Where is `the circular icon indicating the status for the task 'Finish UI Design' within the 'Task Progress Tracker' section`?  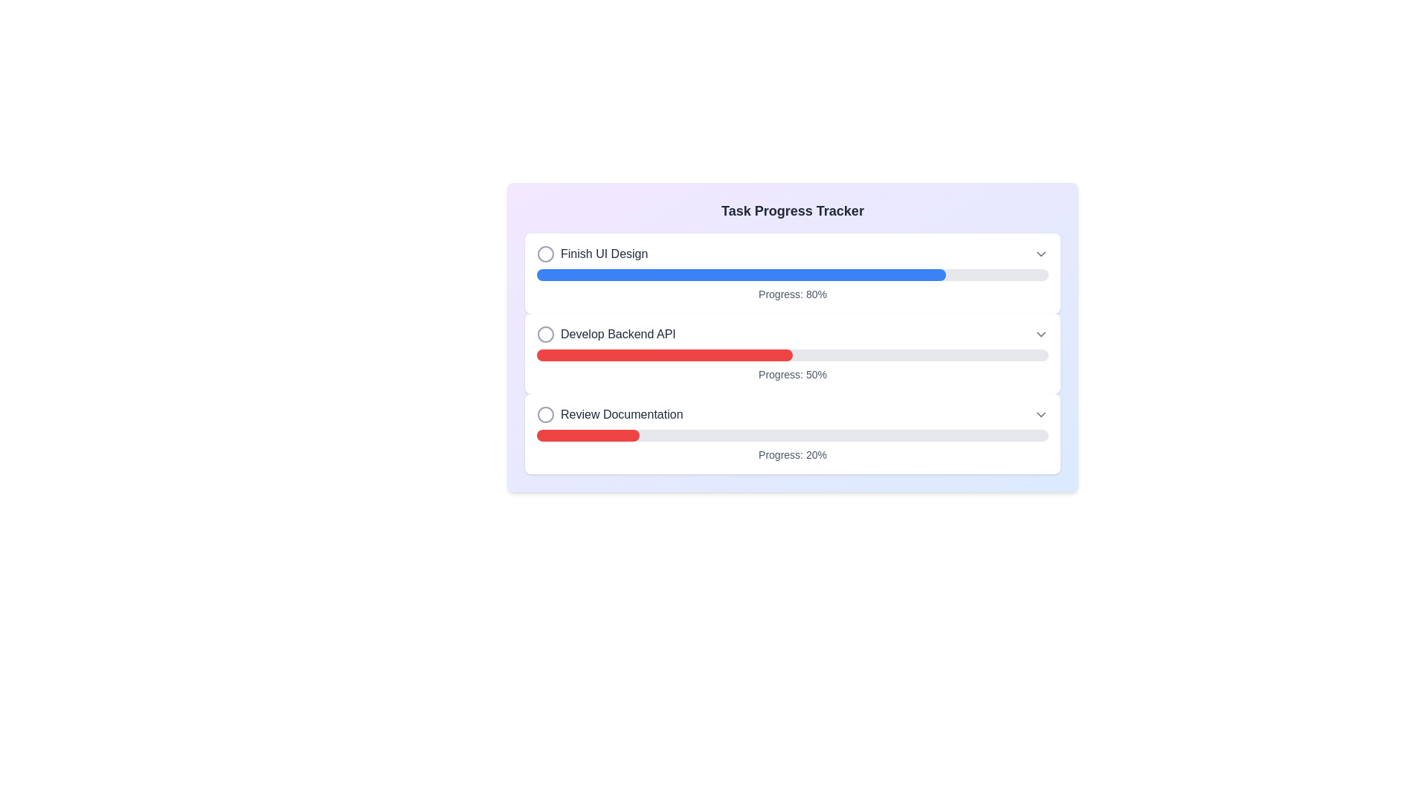 the circular icon indicating the status for the task 'Finish UI Design' within the 'Task Progress Tracker' section is located at coordinates (545, 254).